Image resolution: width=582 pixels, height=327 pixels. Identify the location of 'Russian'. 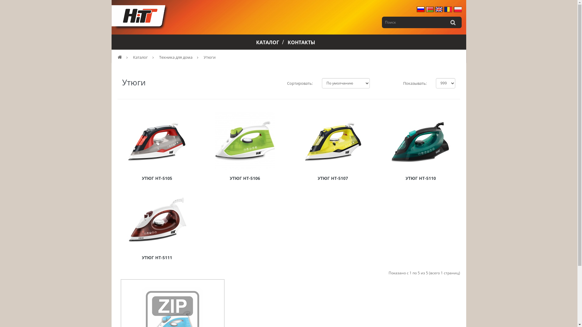
(420, 9).